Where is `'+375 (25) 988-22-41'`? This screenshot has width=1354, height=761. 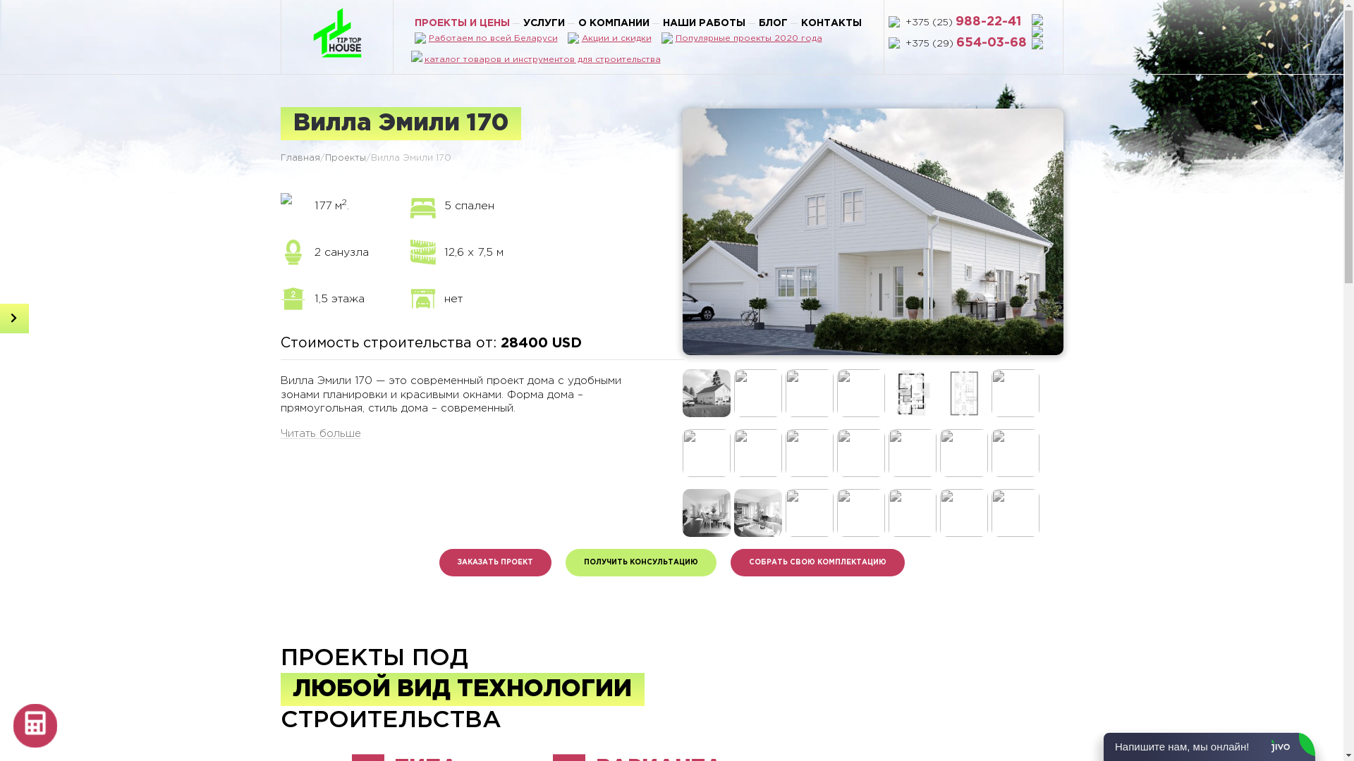 '+375 (25) 988-22-41' is located at coordinates (905, 22).